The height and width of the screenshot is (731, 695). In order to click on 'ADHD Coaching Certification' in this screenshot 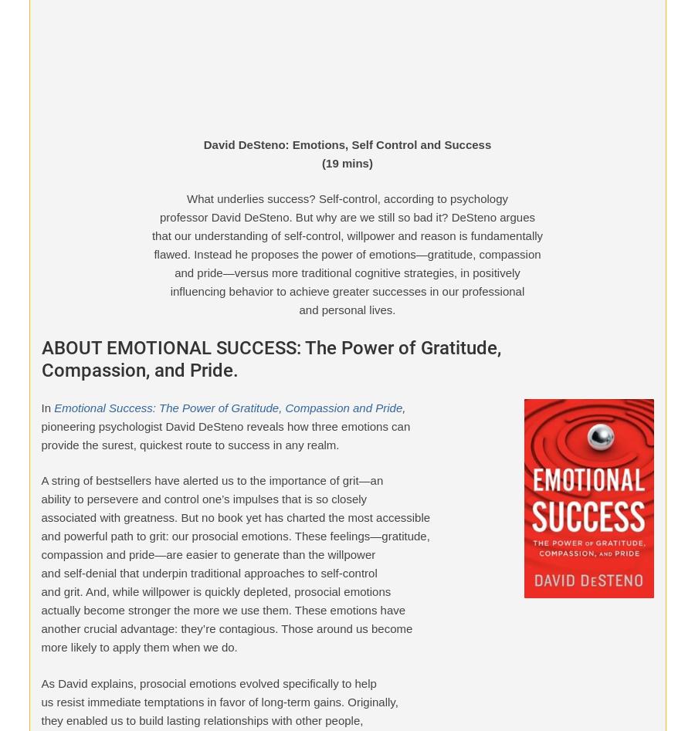, I will do `click(117, 325)`.